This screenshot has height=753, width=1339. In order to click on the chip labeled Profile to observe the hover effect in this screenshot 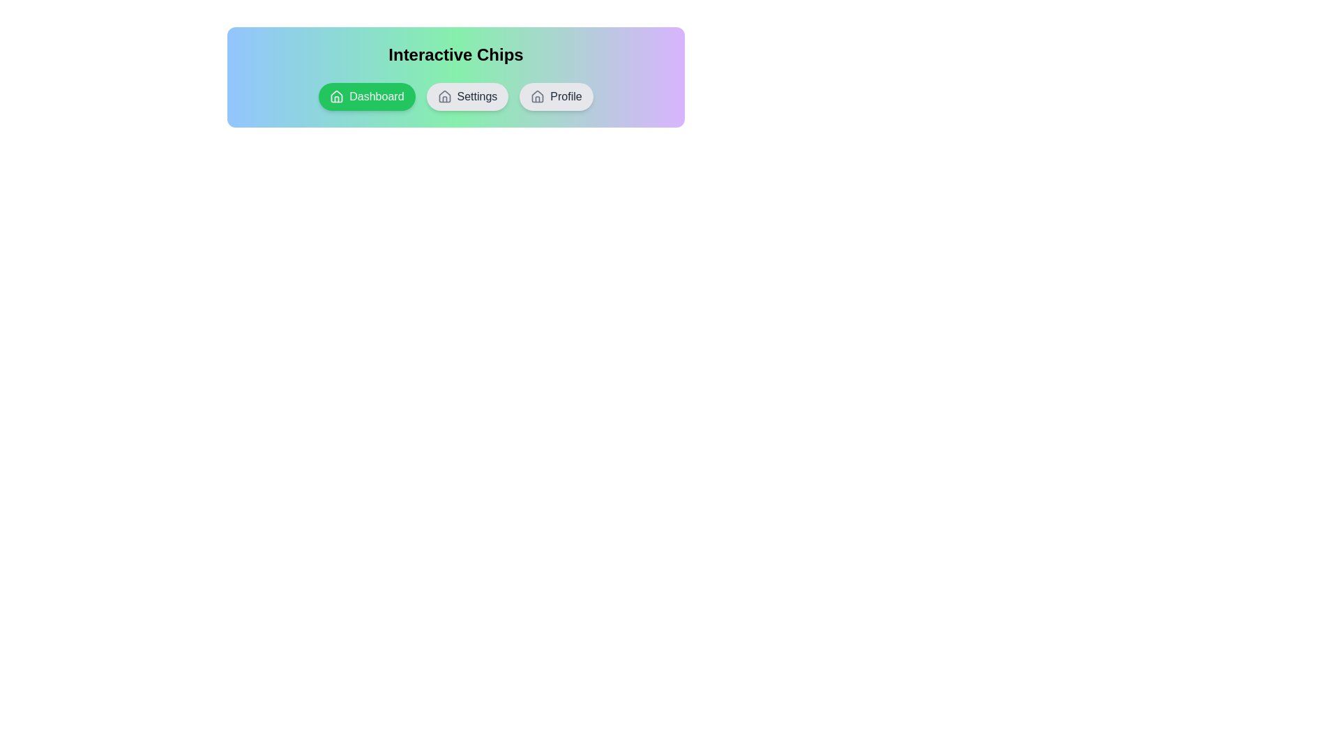, I will do `click(555, 96)`.